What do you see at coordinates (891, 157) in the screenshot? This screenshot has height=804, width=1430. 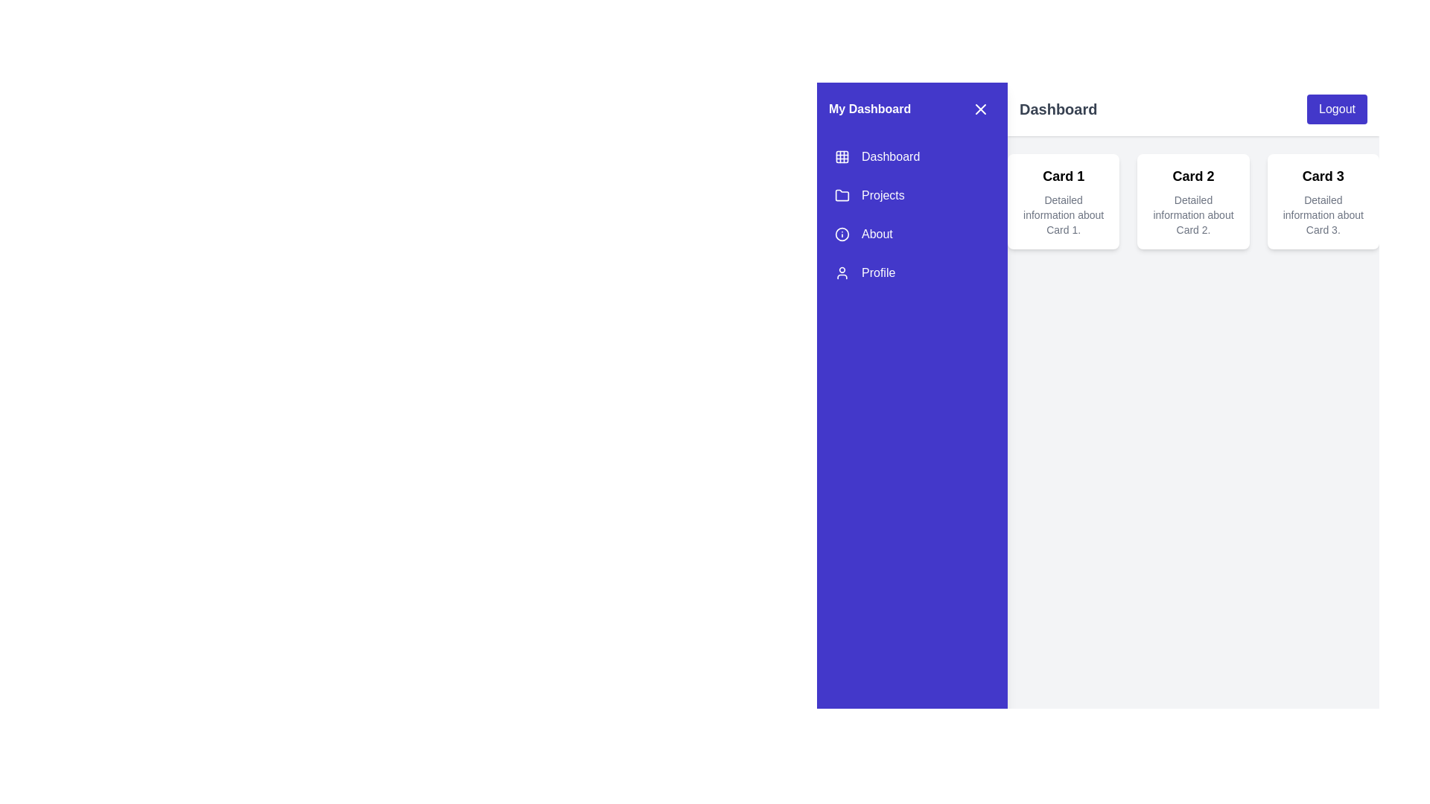 I see `text of the 'Dashboard' label, which is displayed in white on a purple background and is the first item in the vertical menu bar under 'My Dashboard'` at bounding box center [891, 157].